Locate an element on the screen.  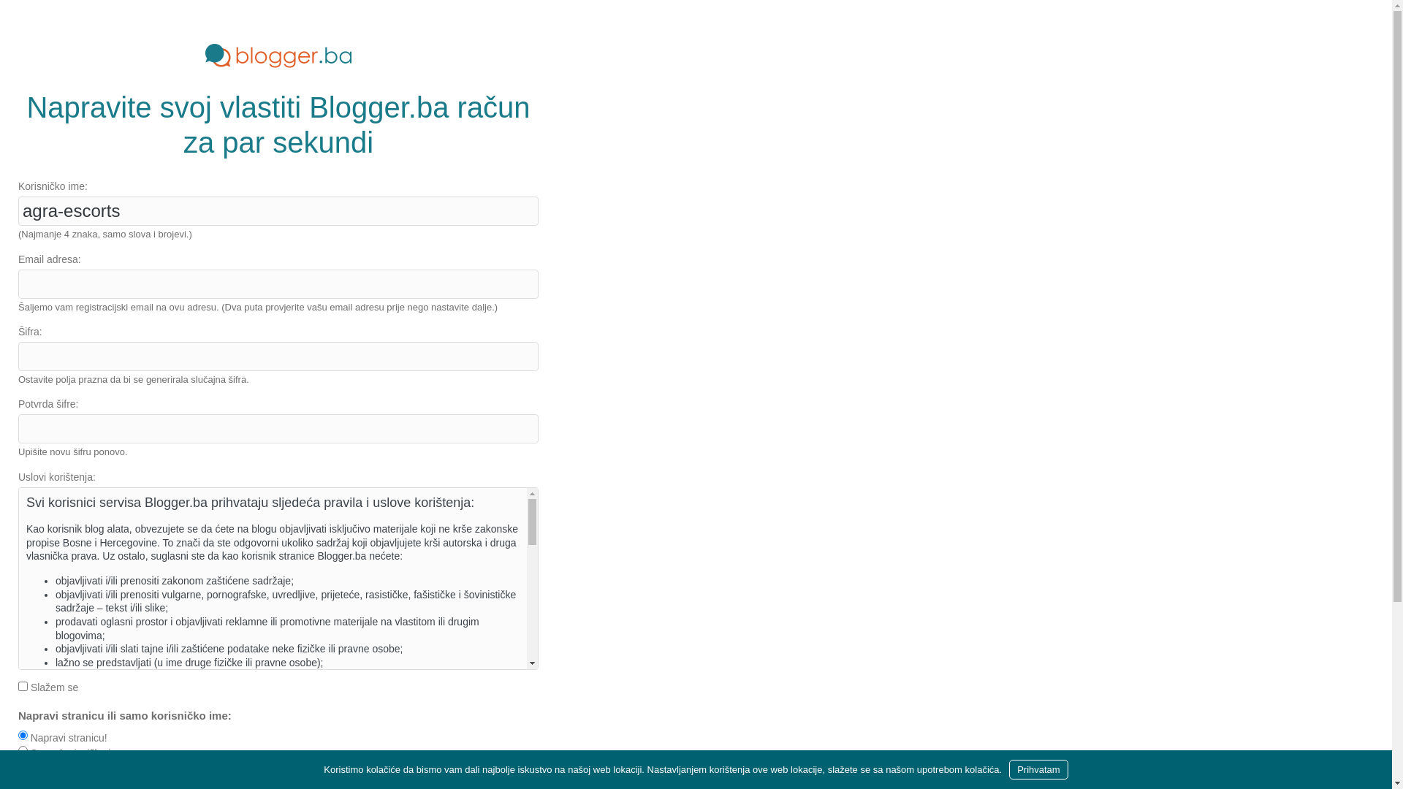
'Prihvatam' is located at coordinates (1008, 769).